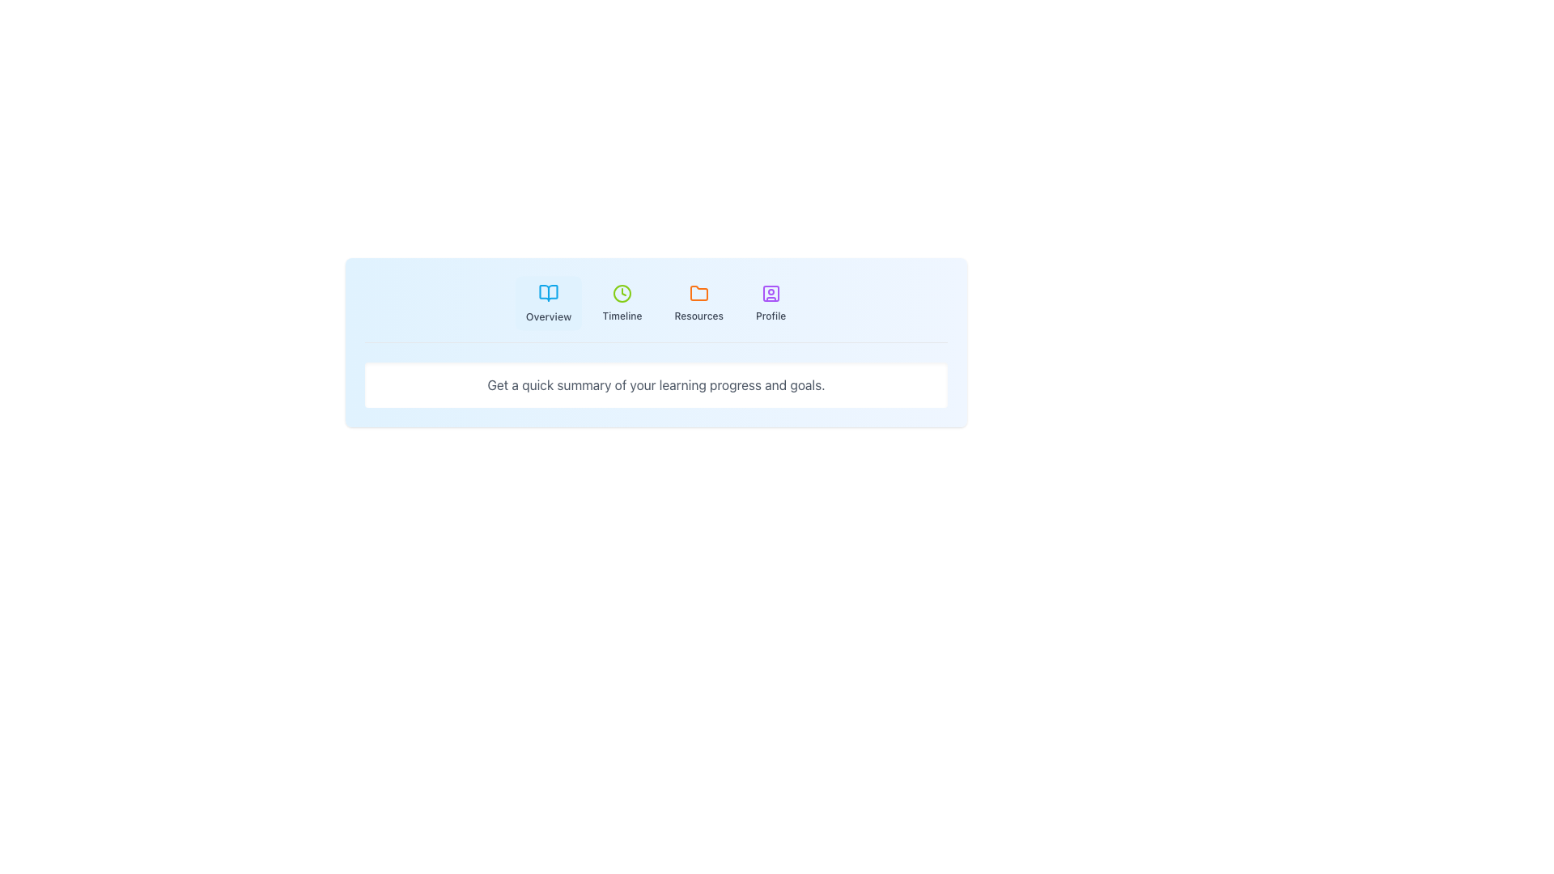 The image size is (1554, 874). I want to click on the orange folder-shaped icon, so click(698, 293).